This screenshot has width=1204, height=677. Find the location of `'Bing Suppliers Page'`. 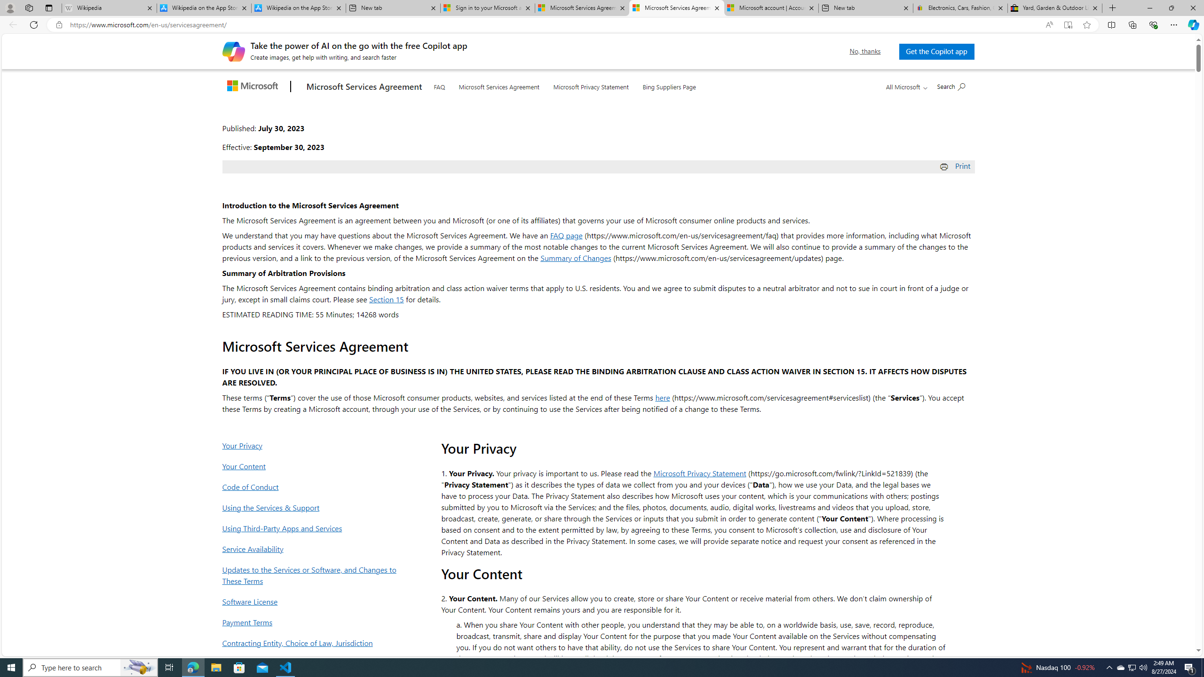

'Bing Suppliers Page' is located at coordinates (669, 85).